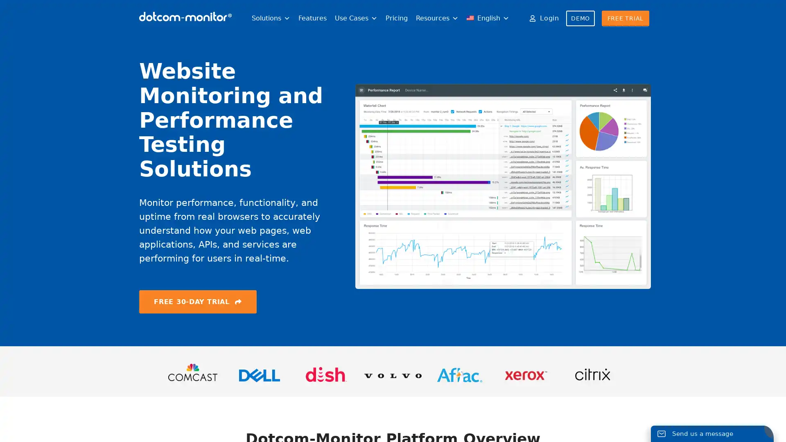 The height and width of the screenshot is (442, 786). What do you see at coordinates (580, 18) in the screenshot?
I see `DEMO` at bounding box center [580, 18].